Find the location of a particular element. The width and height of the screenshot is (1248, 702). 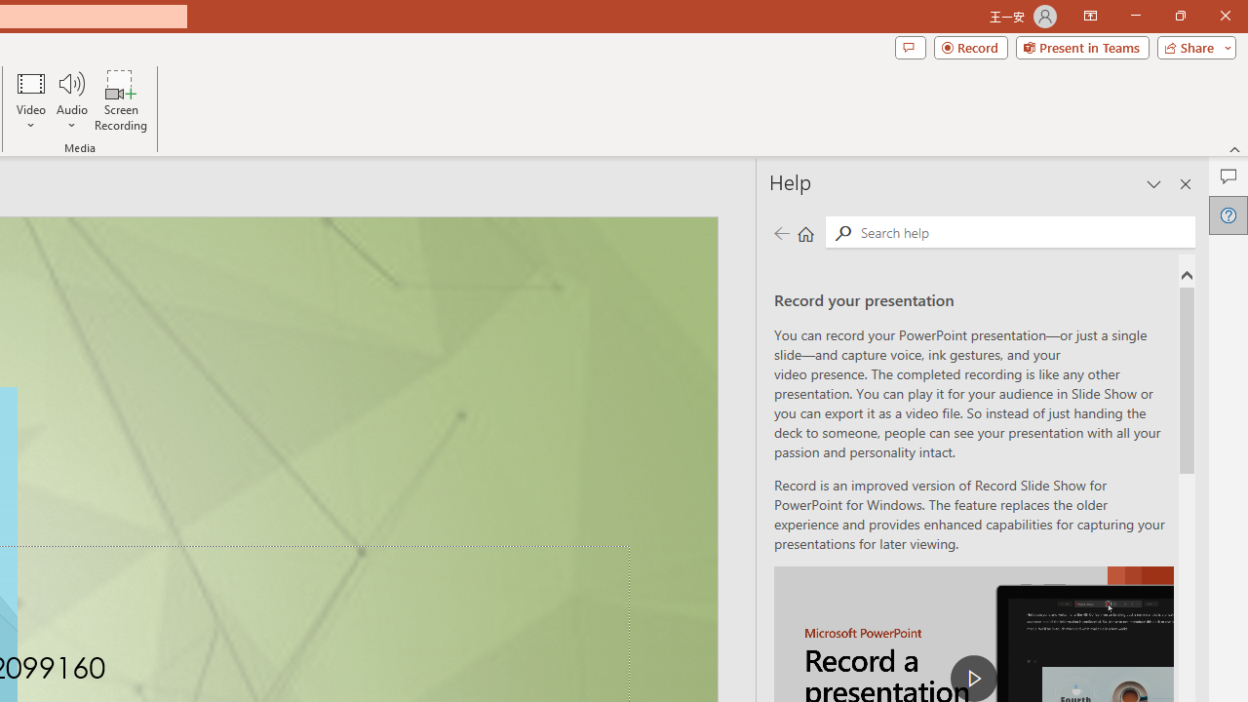

'Present in Teams' is located at coordinates (1081, 46).